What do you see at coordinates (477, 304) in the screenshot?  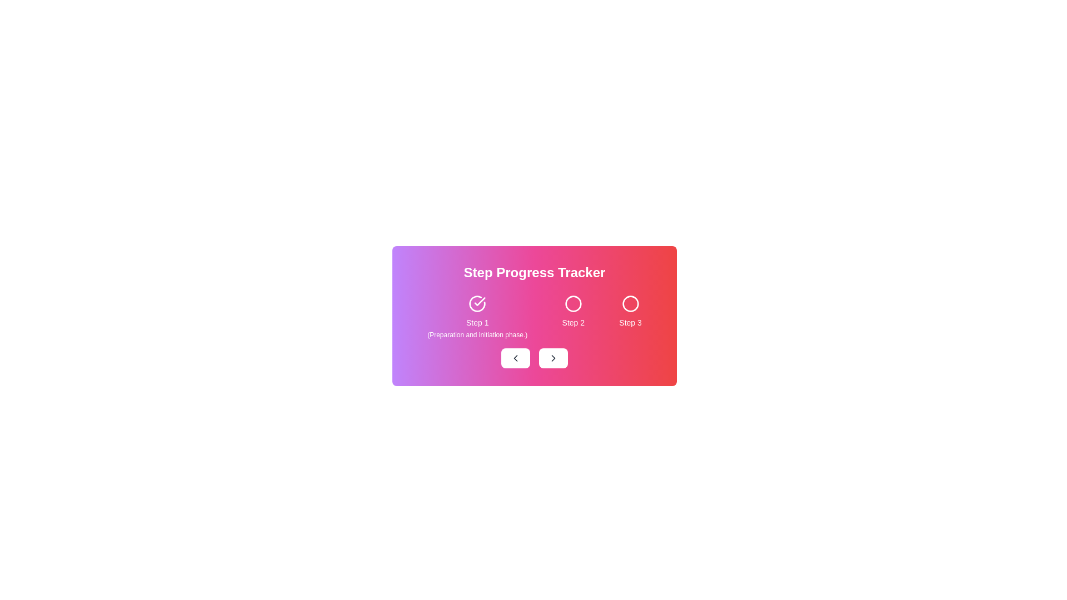 I see `the status of the first step completion icon, which is a circular checkmark symbol with a white stroke on a pinkish-purple background, located above the text 'Step 1' and '(Preparation and initiation phase.)'` at bounding box center [477, 304].